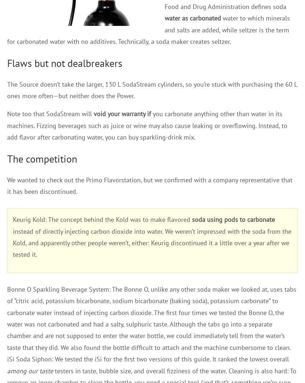 The height and width of the screenshot is (383, 305). Describe the element at coordinates (149, 29) in the screenshot. I see `'water to which minerals and salts are added, while seltzer is the term for carbonated water with no additives. Technically, a soda maker creates seltzer.'` at that location.